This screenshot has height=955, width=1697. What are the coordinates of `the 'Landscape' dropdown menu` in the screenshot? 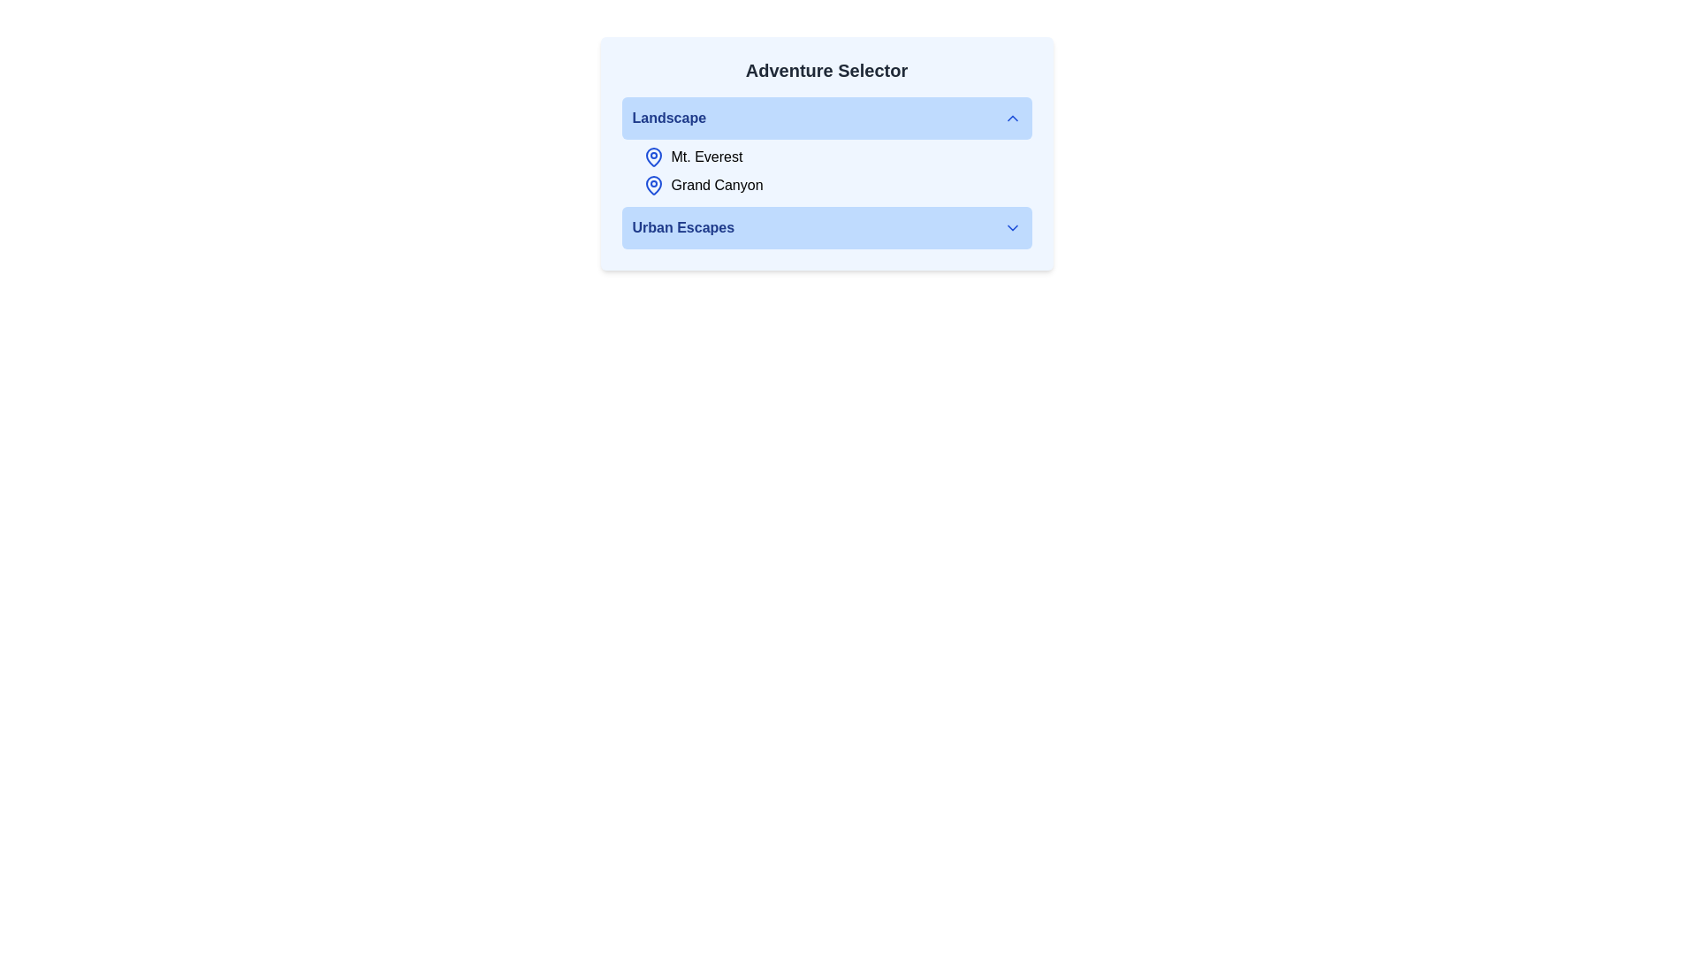 It's located at (826, 145).